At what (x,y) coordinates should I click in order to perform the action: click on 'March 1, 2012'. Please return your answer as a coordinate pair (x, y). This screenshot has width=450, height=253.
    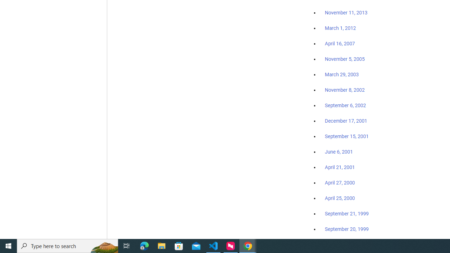
    Looking at the image, I should click on (340, 28).